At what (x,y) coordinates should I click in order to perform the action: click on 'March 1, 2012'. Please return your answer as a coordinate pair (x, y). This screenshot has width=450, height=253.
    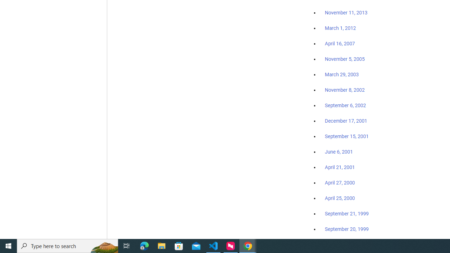
    Looking at the image, I should click on (340, 28).